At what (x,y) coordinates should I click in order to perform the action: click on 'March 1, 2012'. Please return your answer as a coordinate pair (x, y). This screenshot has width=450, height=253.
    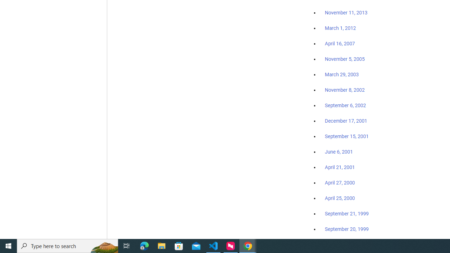
    Looking at the image, I should click on (340, 28).